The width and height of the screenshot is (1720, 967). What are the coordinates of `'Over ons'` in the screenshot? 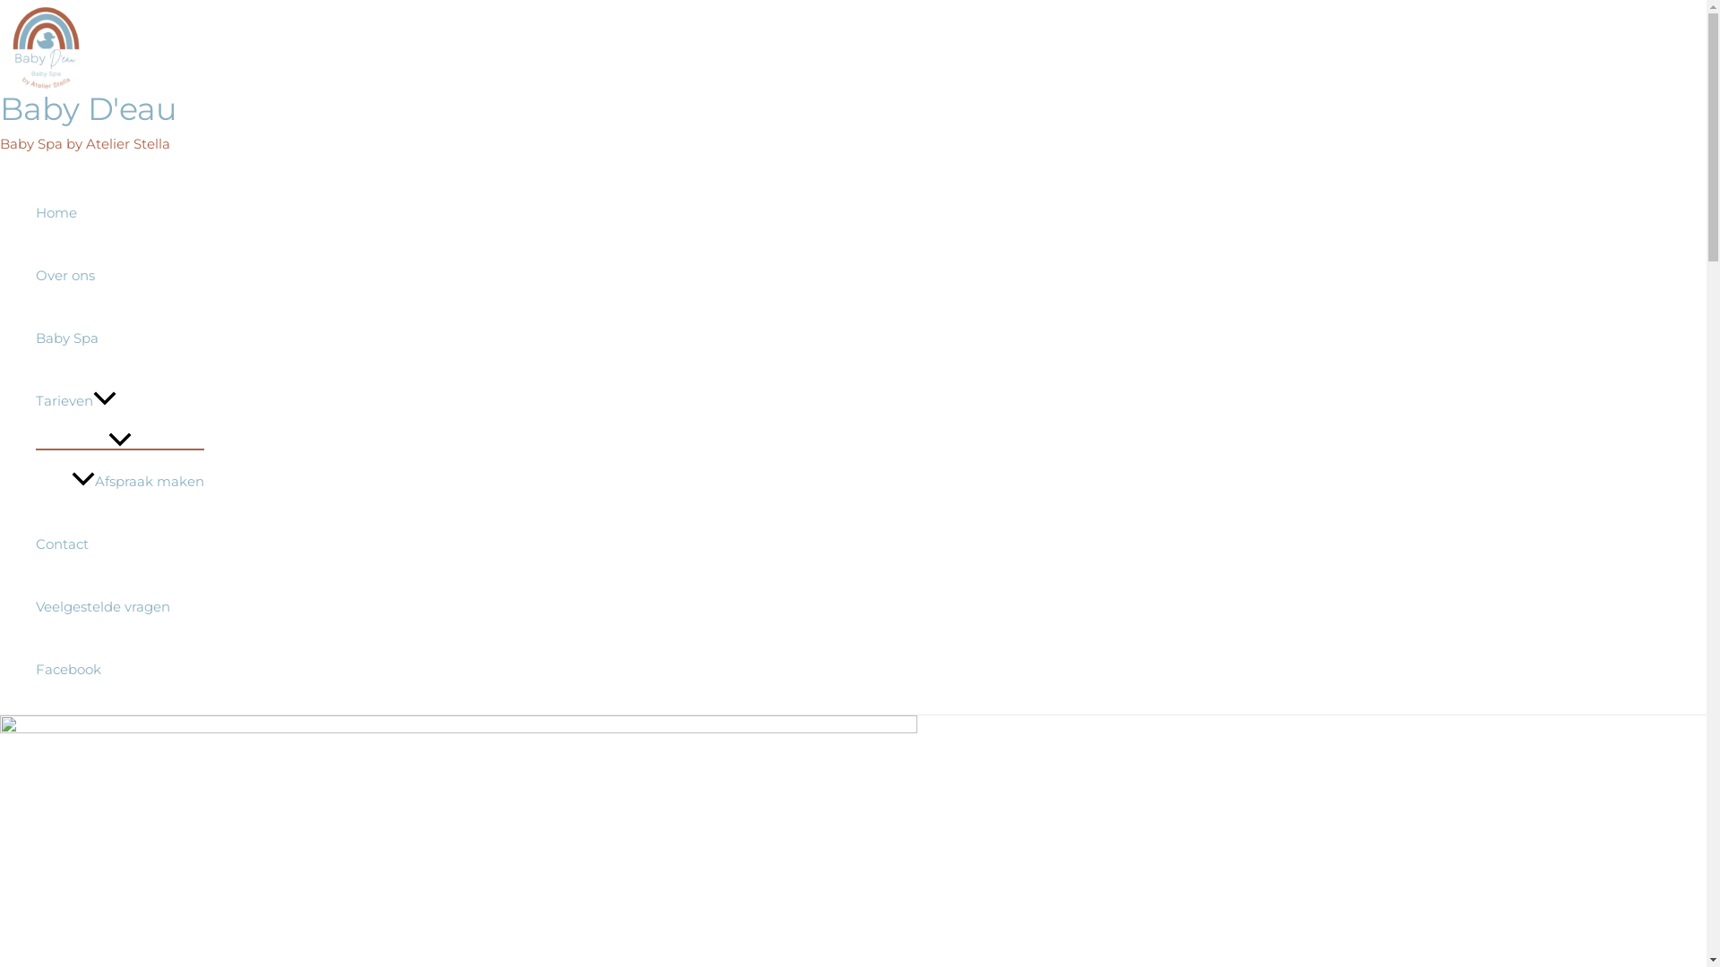 It's located at (119, 276).